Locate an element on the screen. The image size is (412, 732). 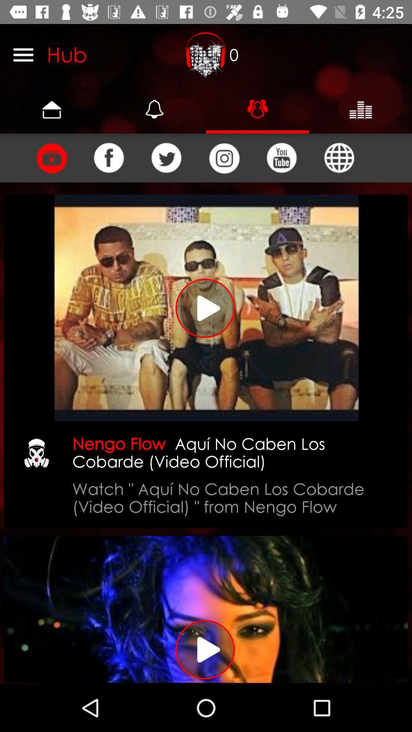
open navigation menu is located at coordinates (23, 54).